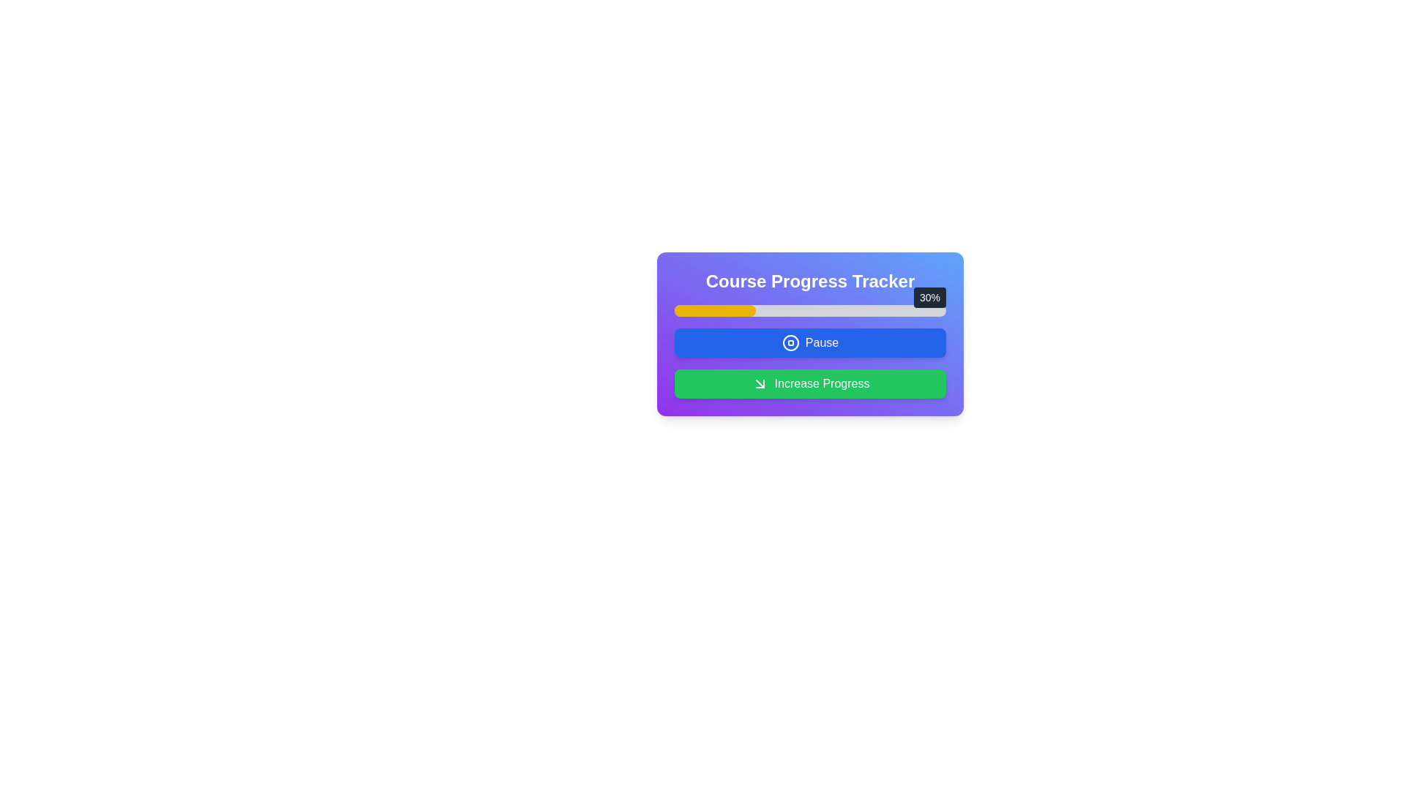 The height and width of the screenshot is (790, 1405). Describe the element at coordinates (929, 297) in the screenshot. I see `the static text element displaying '30%' which is located above the right end of the horizontal progress bar in the Course Progress Tracker` at that location.